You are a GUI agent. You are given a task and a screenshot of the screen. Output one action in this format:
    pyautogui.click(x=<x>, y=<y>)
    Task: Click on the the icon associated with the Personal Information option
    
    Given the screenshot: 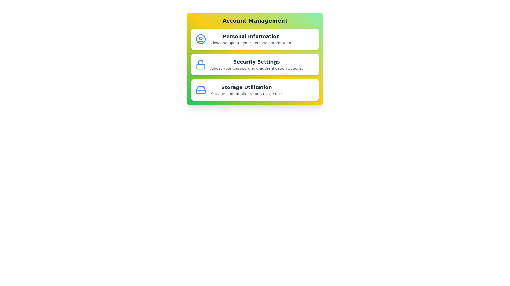 What is the action you would take?
    pyautogui.click(x=200, y=39)
    